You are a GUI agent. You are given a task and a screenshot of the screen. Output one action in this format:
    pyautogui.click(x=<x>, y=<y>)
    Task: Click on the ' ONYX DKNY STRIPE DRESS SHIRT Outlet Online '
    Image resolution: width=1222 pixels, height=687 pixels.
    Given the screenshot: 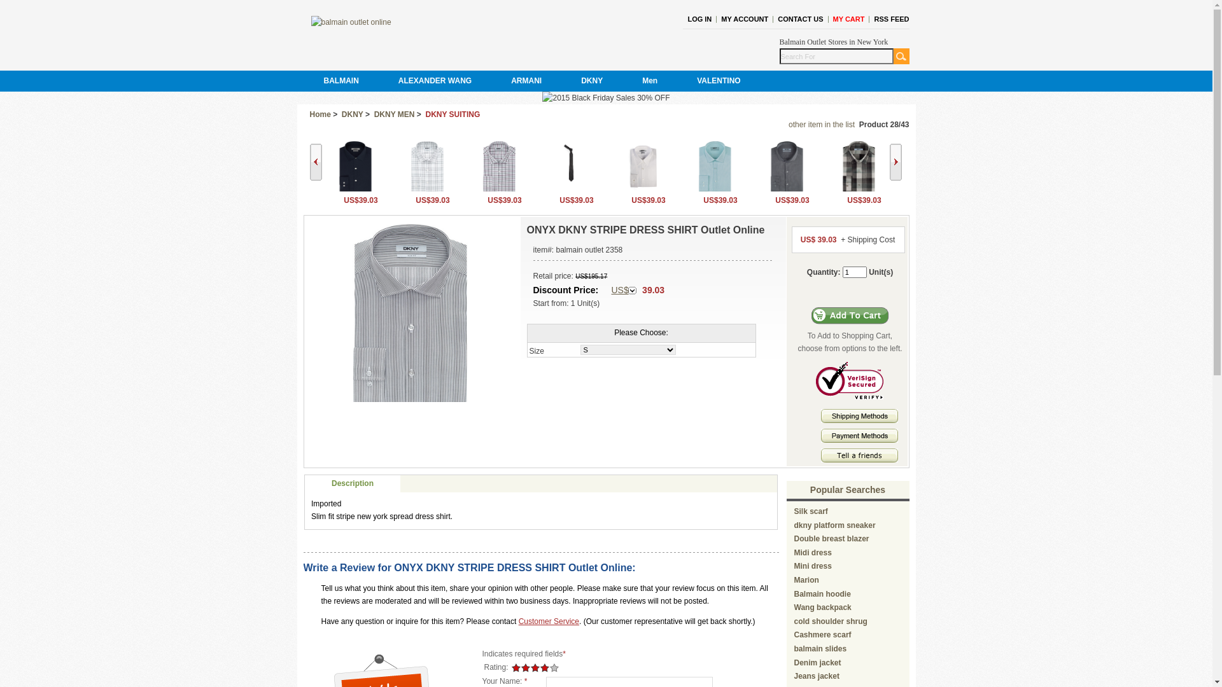 What is the action you would take?
    pyautogui.click(x=410, y=313)
    